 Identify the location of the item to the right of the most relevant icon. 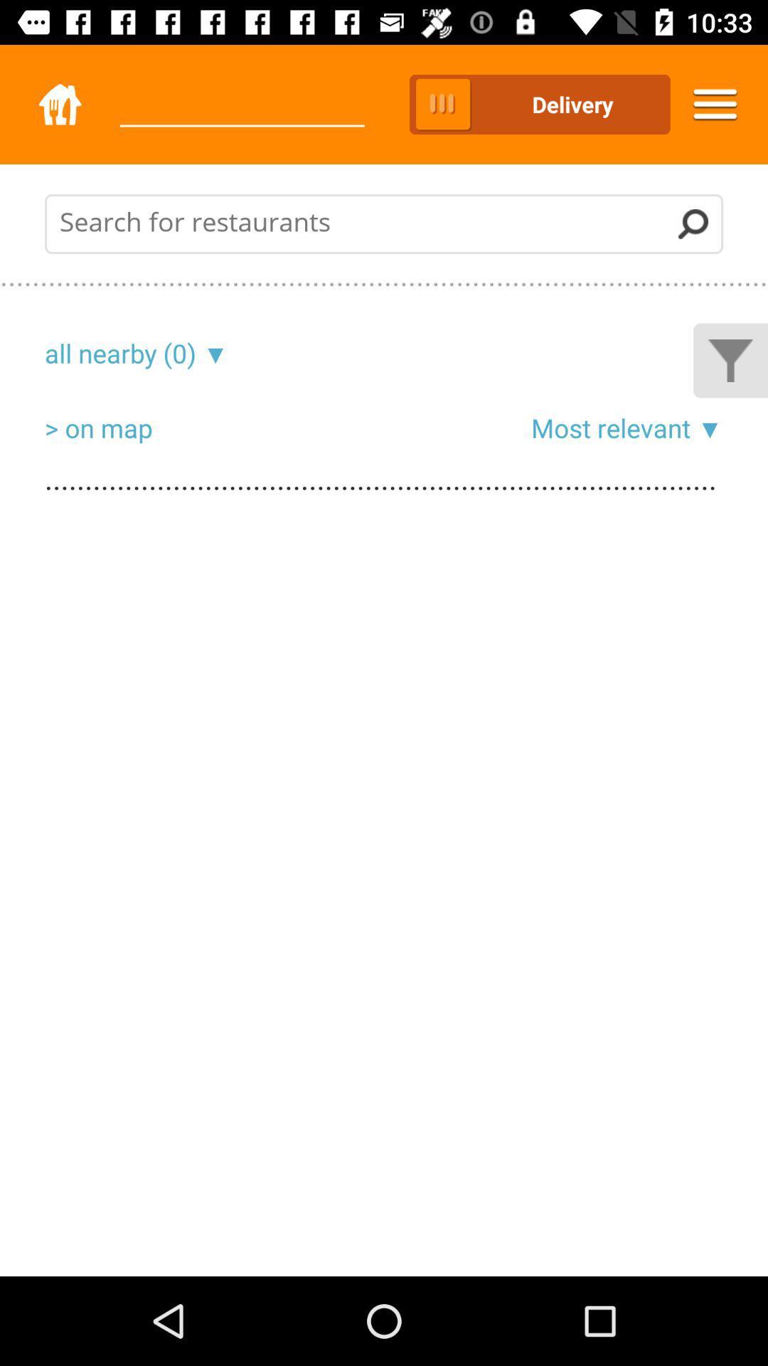
(707, 427).